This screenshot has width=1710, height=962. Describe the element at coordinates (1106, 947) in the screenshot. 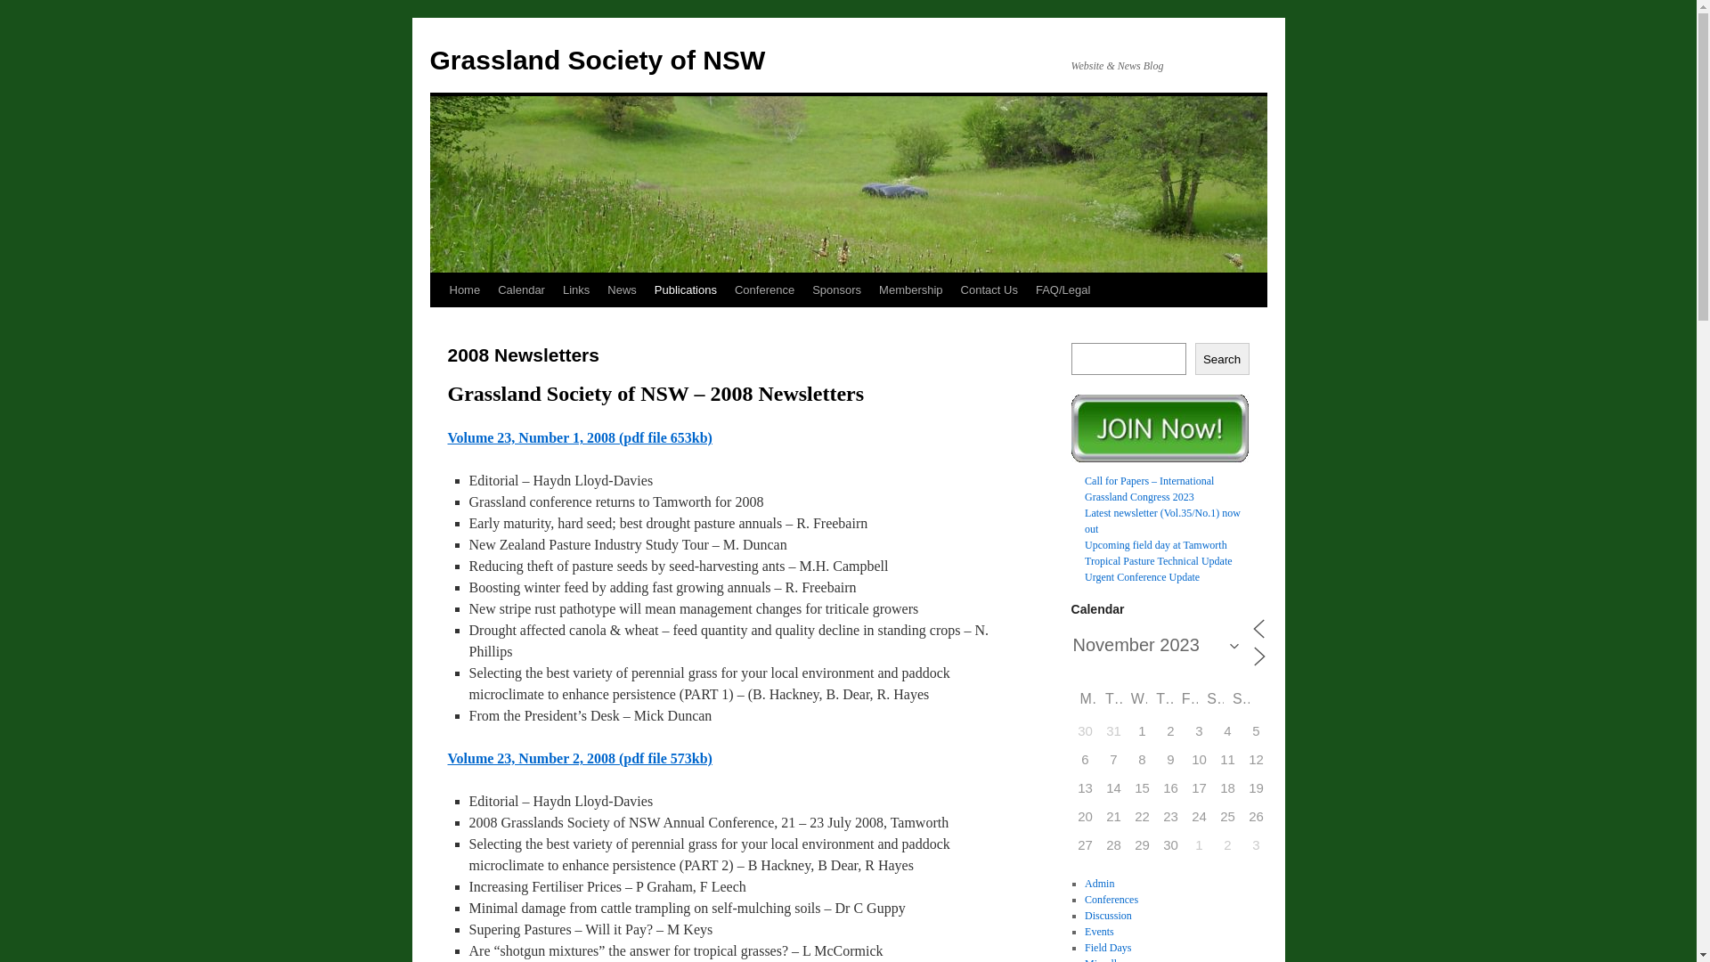

I see `'Field Days'` at that location.